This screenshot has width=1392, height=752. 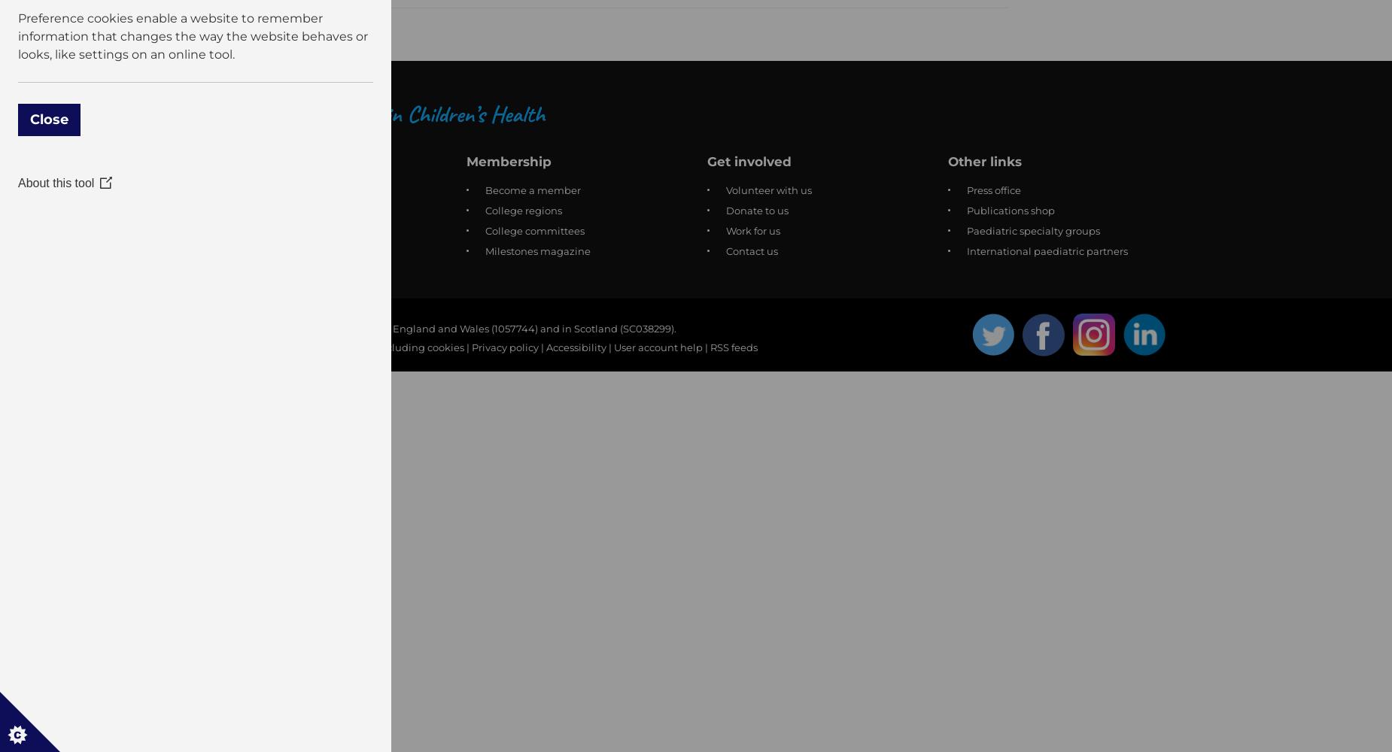 I want to click on 'Become a member', so click(x=533, y=190).